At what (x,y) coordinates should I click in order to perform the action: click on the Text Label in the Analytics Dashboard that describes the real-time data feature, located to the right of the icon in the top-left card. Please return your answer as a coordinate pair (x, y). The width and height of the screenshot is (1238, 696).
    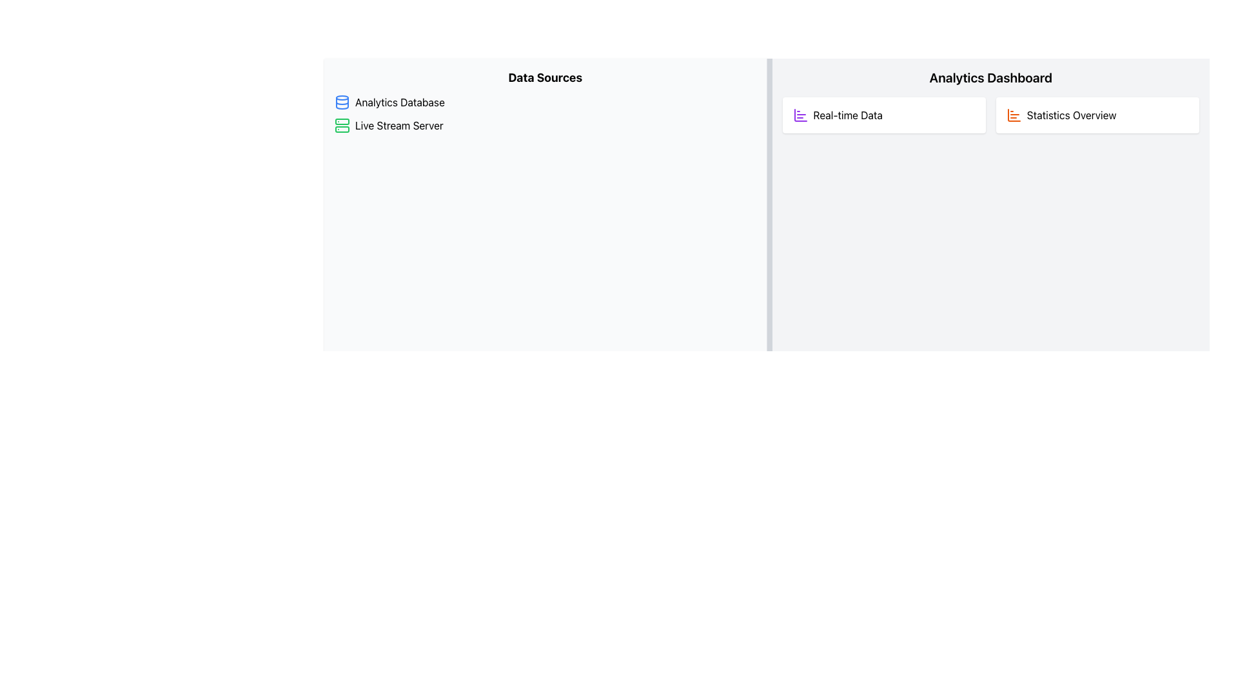
    Looking at the image, I should click on (848, 114).